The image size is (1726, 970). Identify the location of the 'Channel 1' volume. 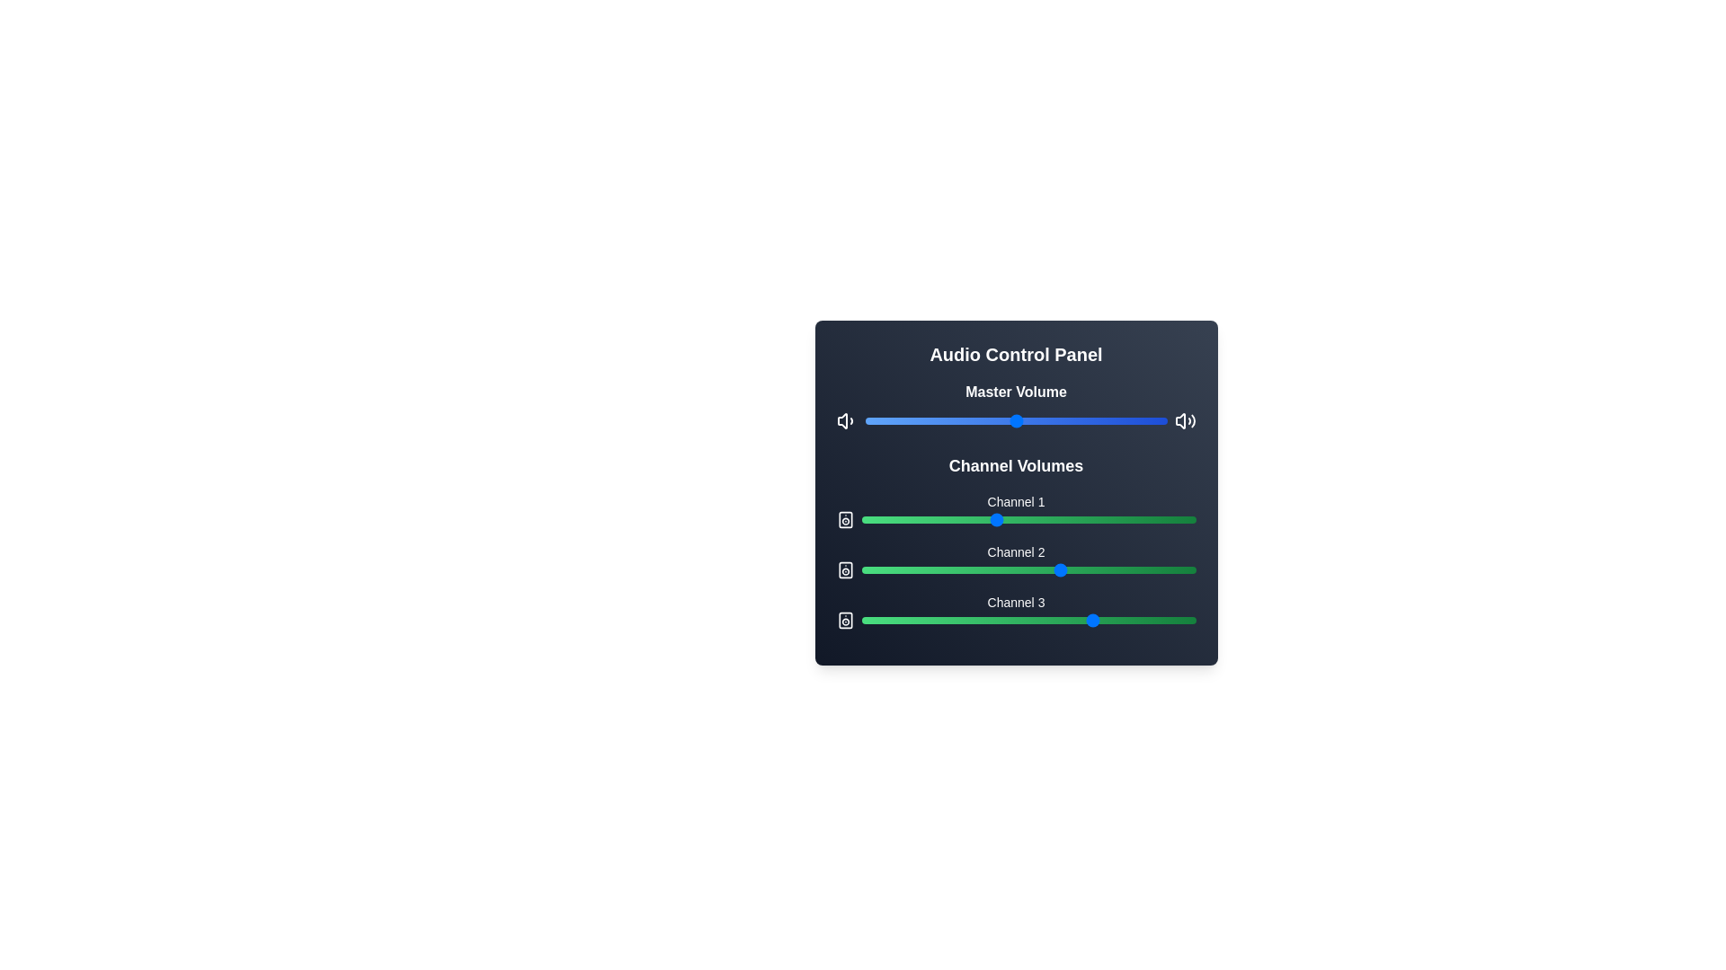
(938, 519).